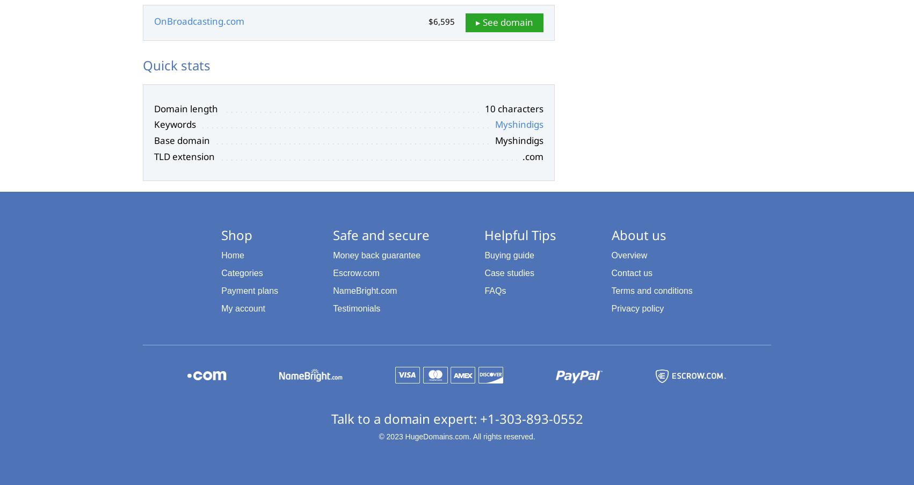 The width and height of the screenshot is (914, 485). I want to click on 'My account', so click(243, 307).